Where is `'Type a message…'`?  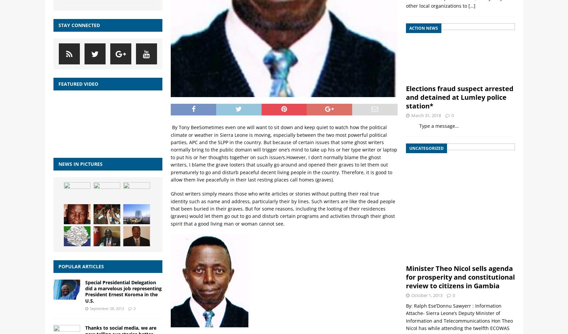 'Type a message…' is located at coordinates (433, 125).